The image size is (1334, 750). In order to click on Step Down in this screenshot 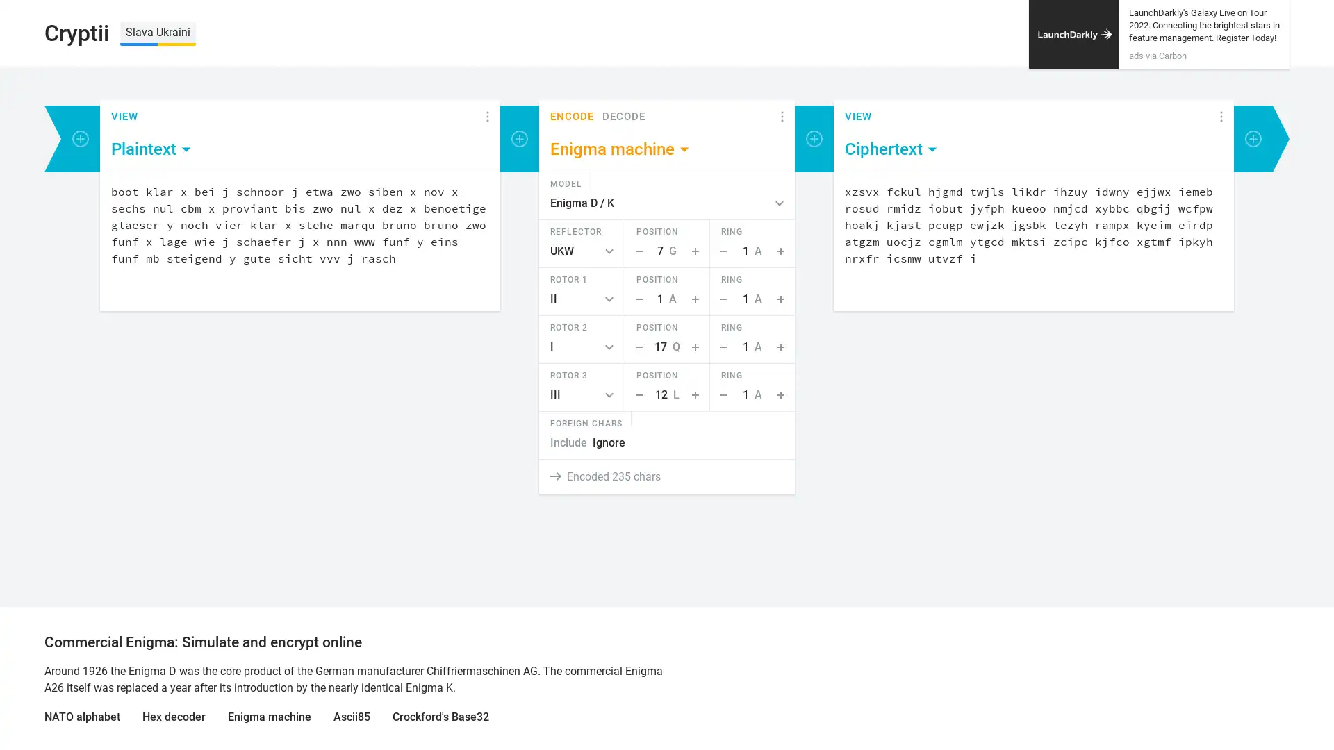, I will do `click(720, 395)`.